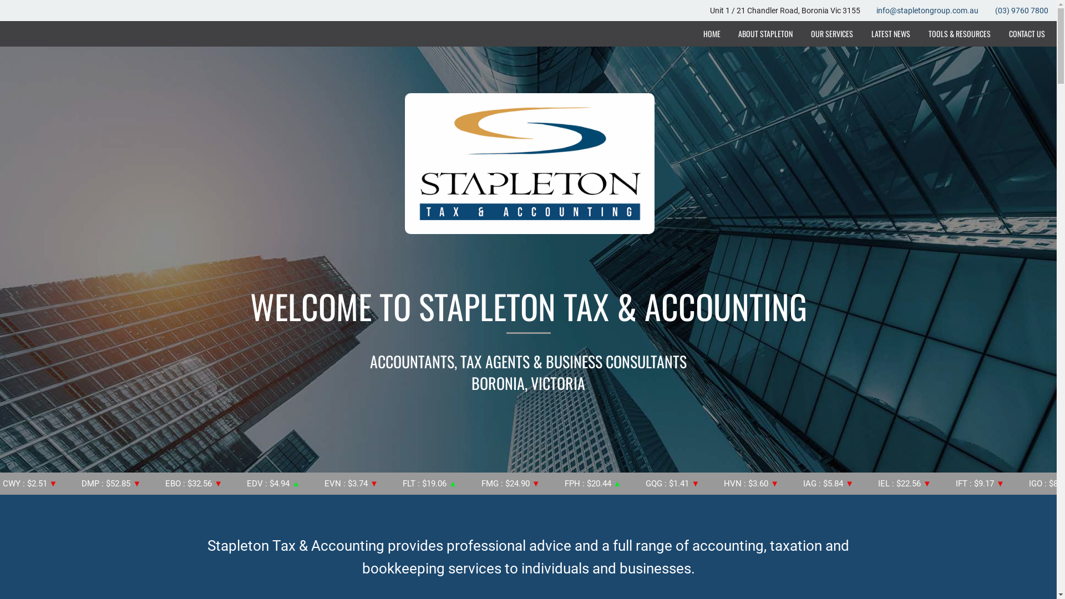 The width and height of the screenshot is (1065, 599). I want to click on 'CONTACT US', so click(1026, 33).